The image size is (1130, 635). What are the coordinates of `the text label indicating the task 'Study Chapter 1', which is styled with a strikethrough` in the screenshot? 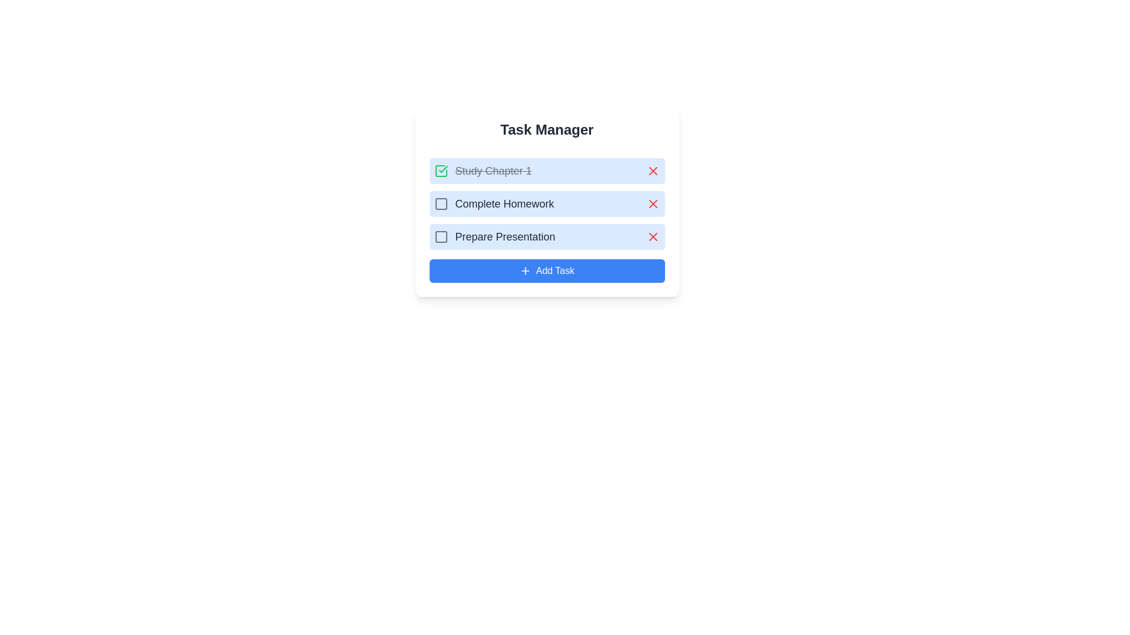 It's located at (493, 171).